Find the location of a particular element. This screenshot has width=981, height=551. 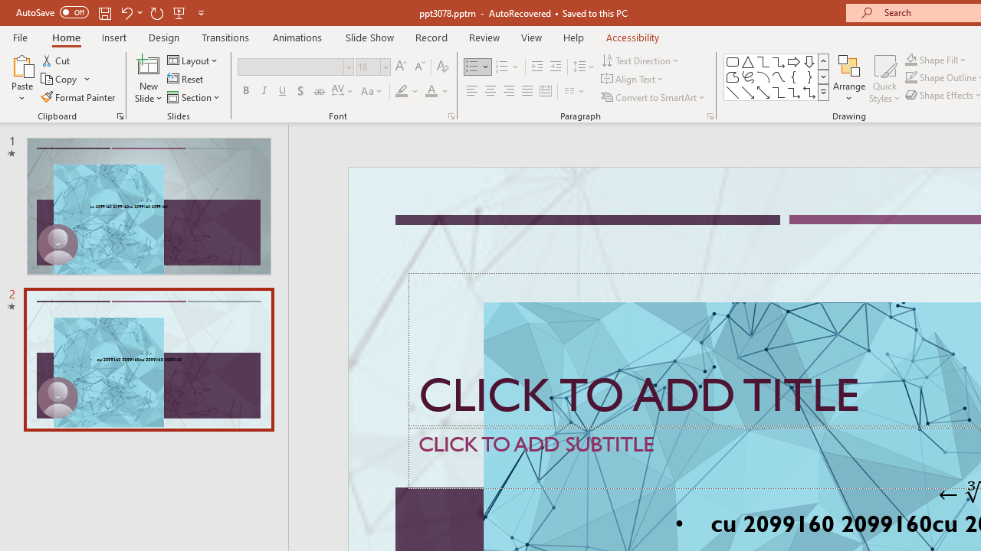

'Center' is located at coordinates (490, 91).